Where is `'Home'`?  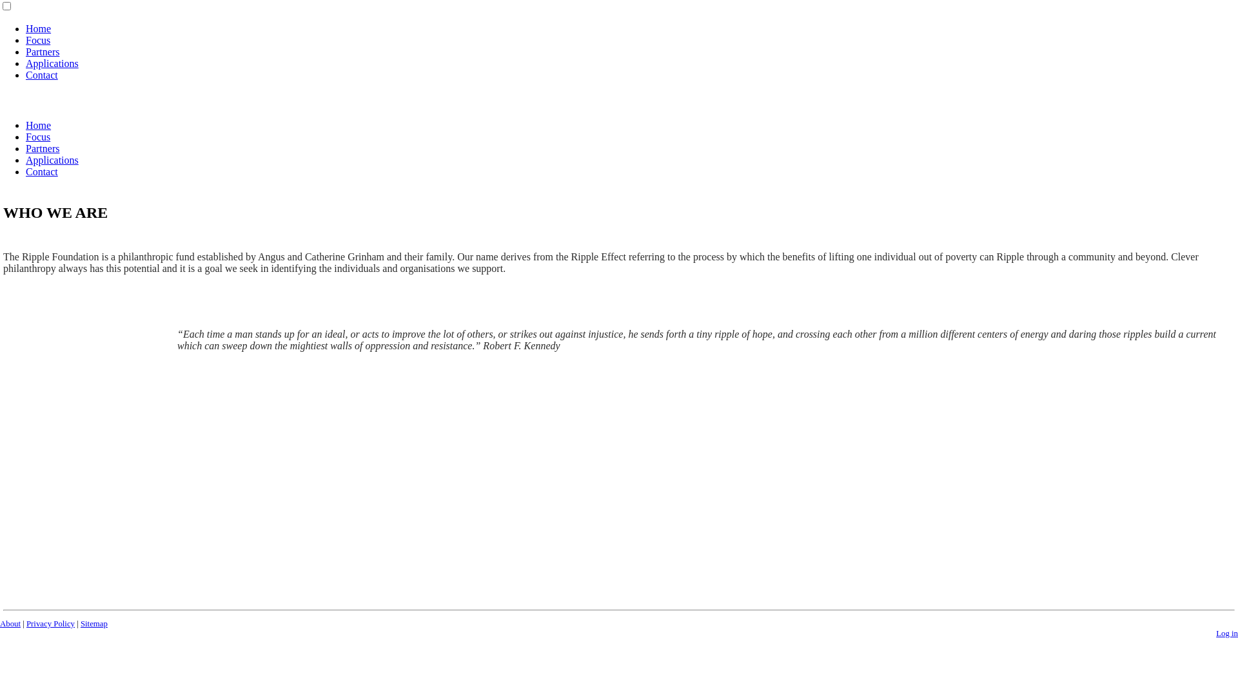 'Home' is located at coordinates (25, 125).